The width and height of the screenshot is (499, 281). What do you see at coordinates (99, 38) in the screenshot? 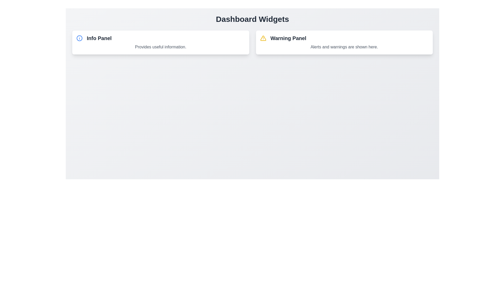
I see `the Text Label displaying 'Info Panel', which is styled with a large, bold, dark gray font and located to the right of an info icon within the upper left quadrant of the interface` at bounding box center [99, 38].